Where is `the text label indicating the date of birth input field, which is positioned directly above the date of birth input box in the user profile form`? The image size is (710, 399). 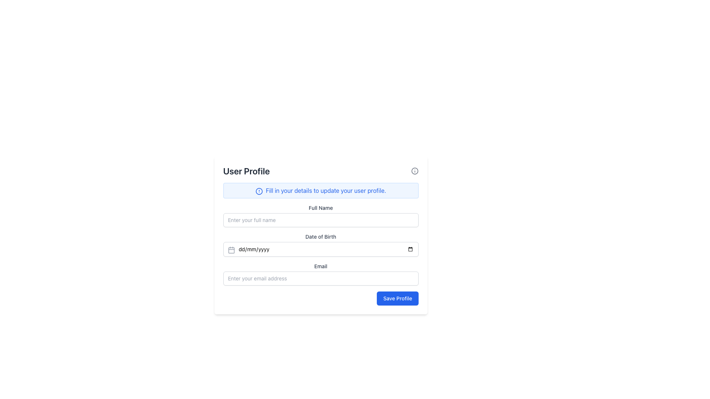
the text label indicating the date of birth input field, which is positioned directly above the date of birth input box in the user profile form is located at coordinates (321, 236).